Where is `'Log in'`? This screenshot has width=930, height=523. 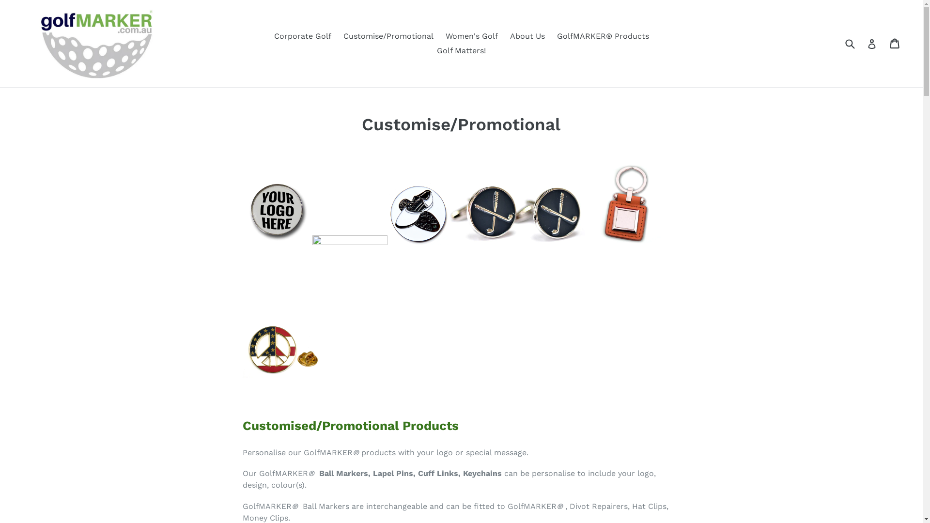
'Log in' is located at coordinates (872, 43).